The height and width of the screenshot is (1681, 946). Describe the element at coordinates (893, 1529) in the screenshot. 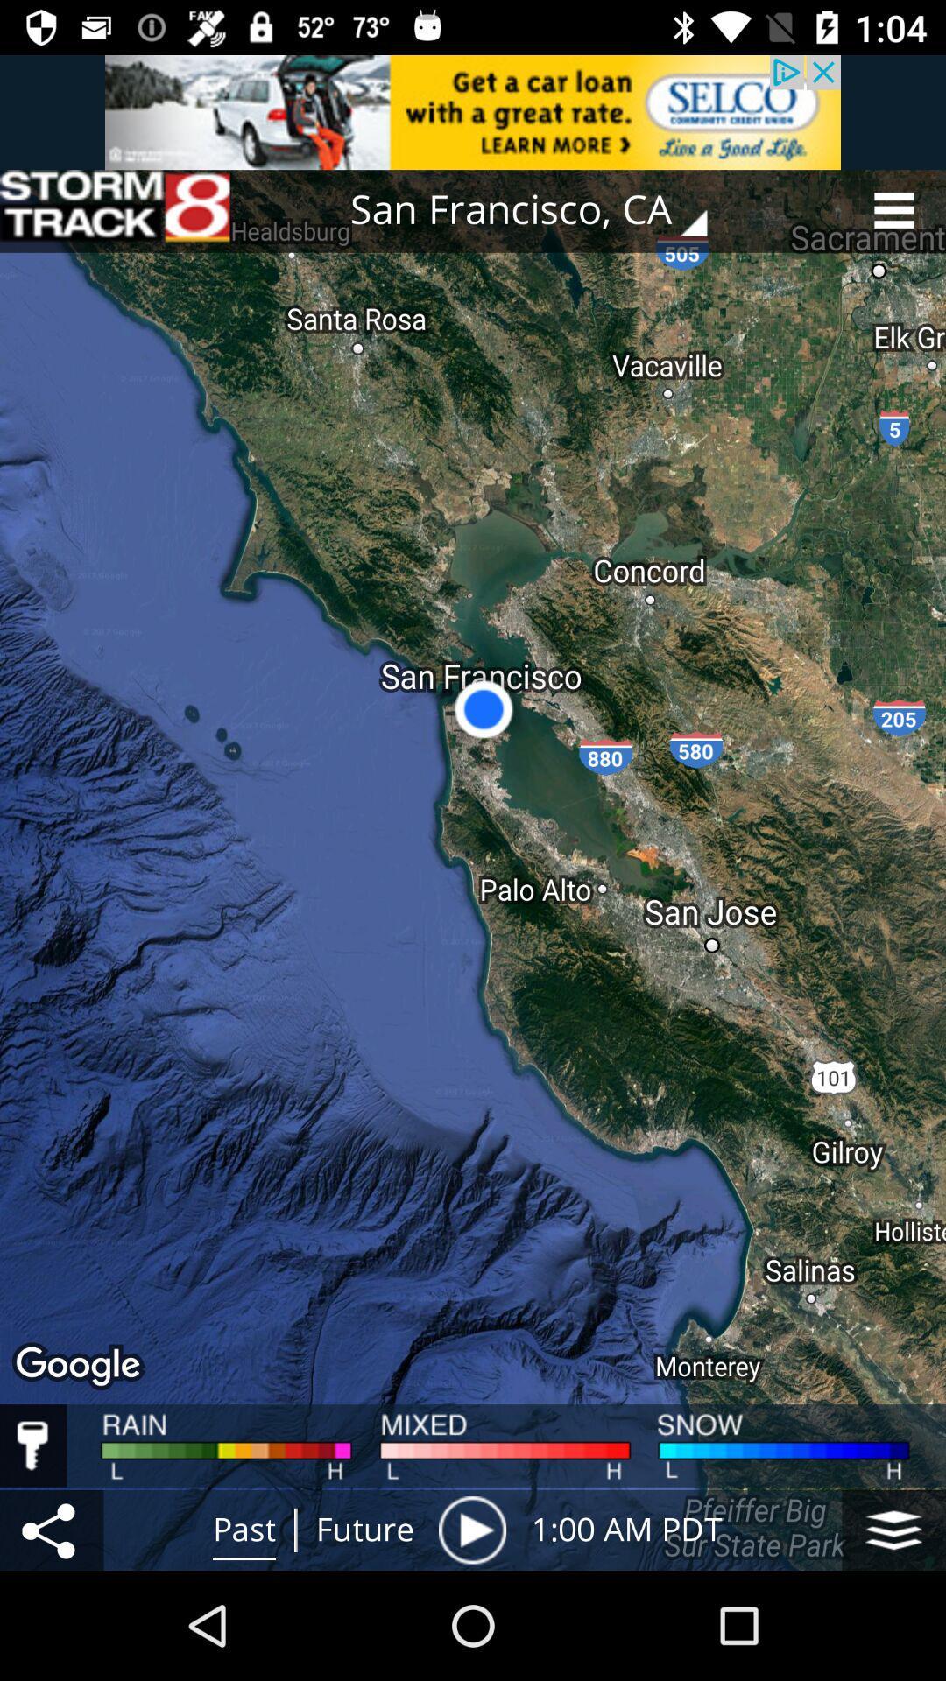

I see `the layers icon` at that location.